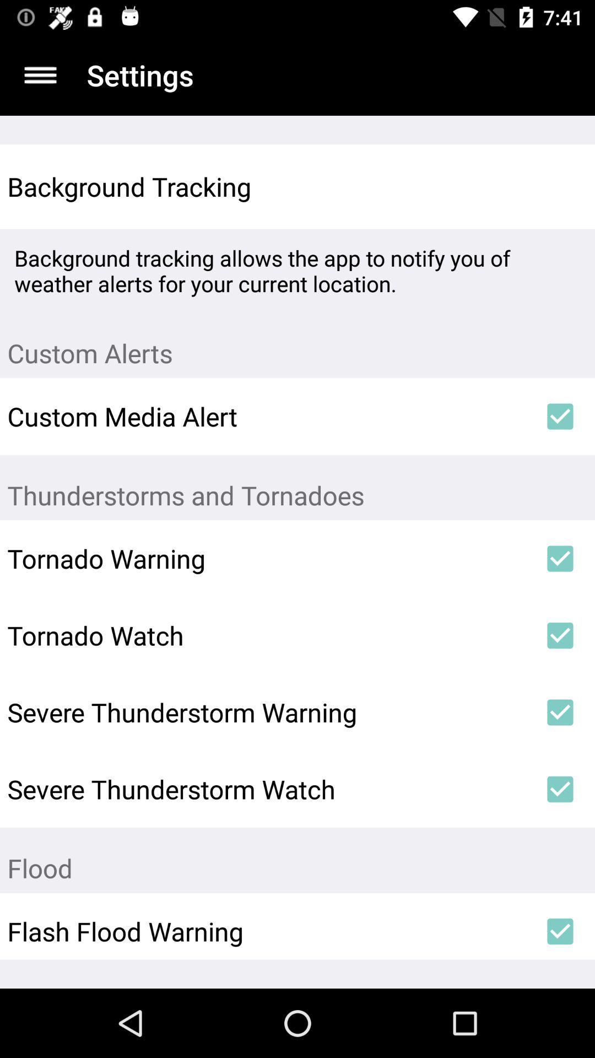 Image resolution: width=595 pixels, height=1058 pixels. Describe the element at coordinates (40, 74) in the screenshot. I see `open main menu` at that location.